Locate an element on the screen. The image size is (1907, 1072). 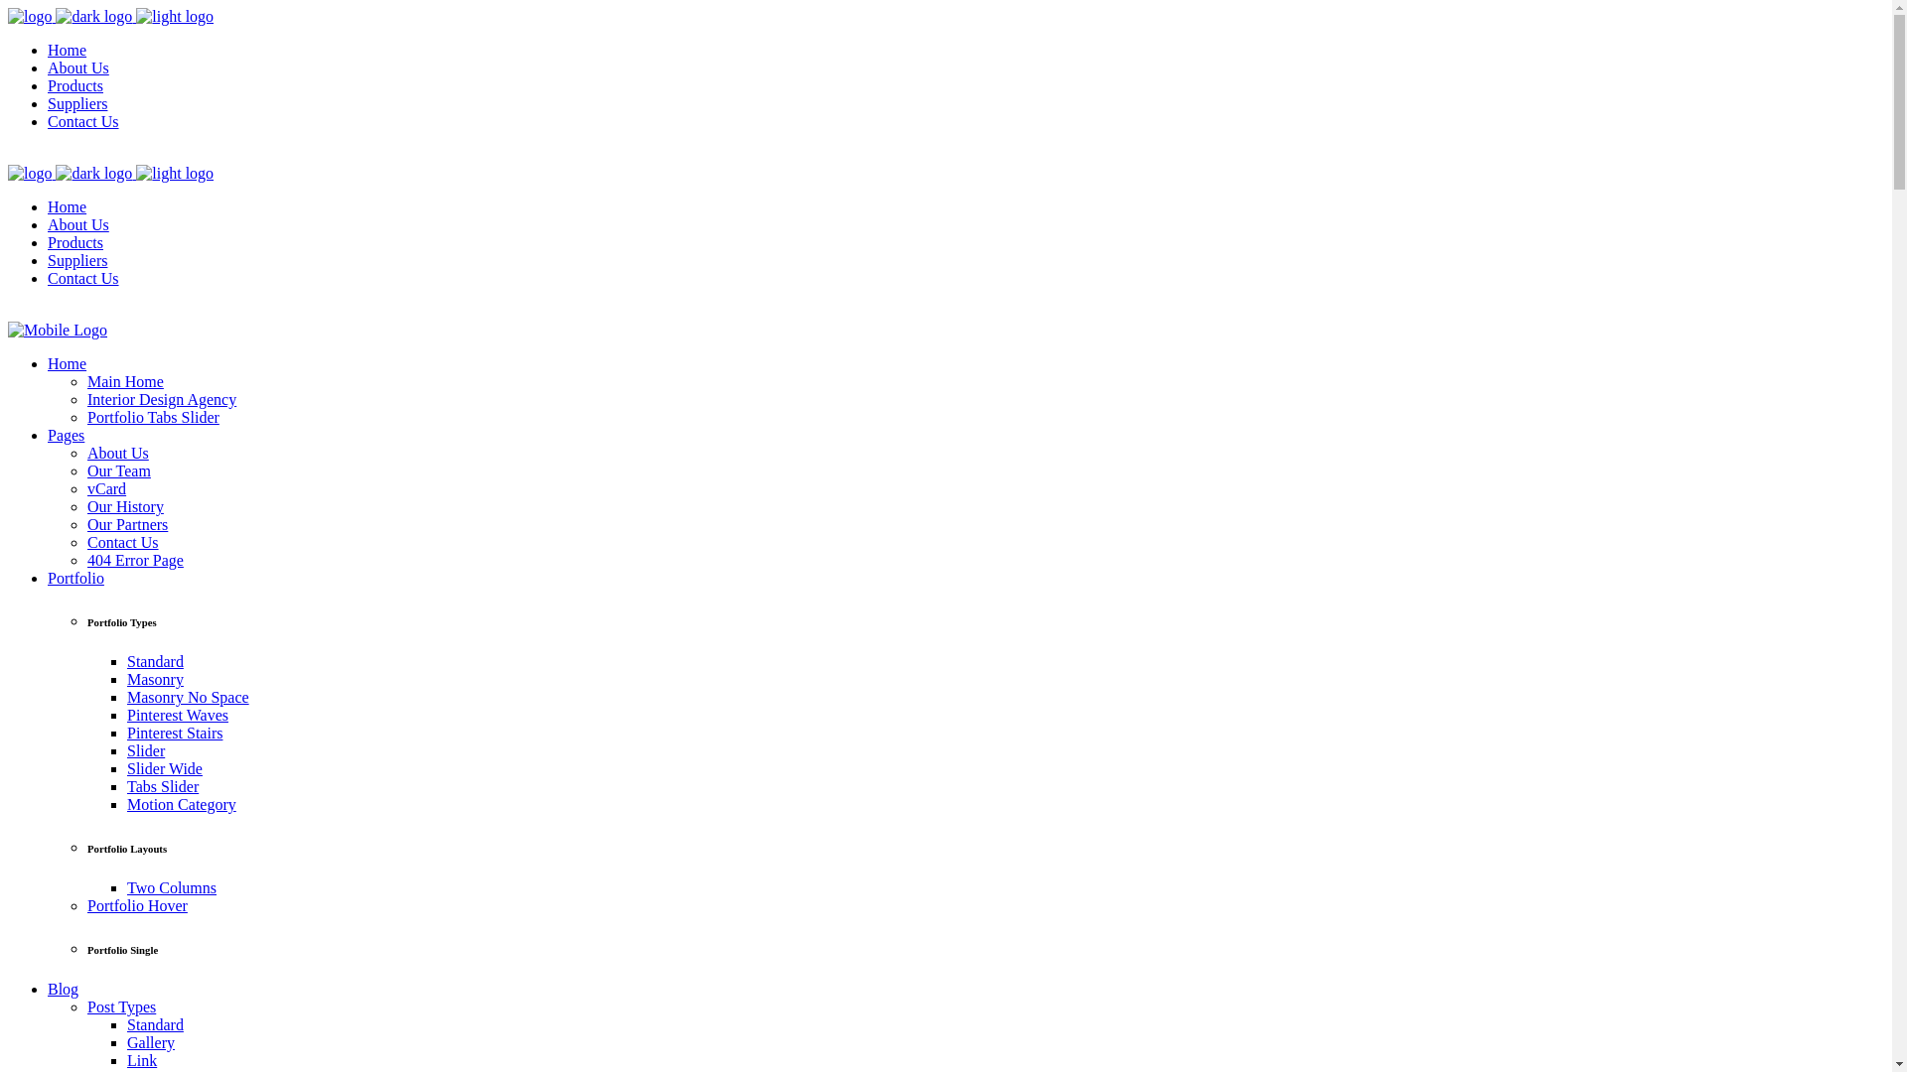
'Pinterest Stairs' is located at coordinates (175, 733).